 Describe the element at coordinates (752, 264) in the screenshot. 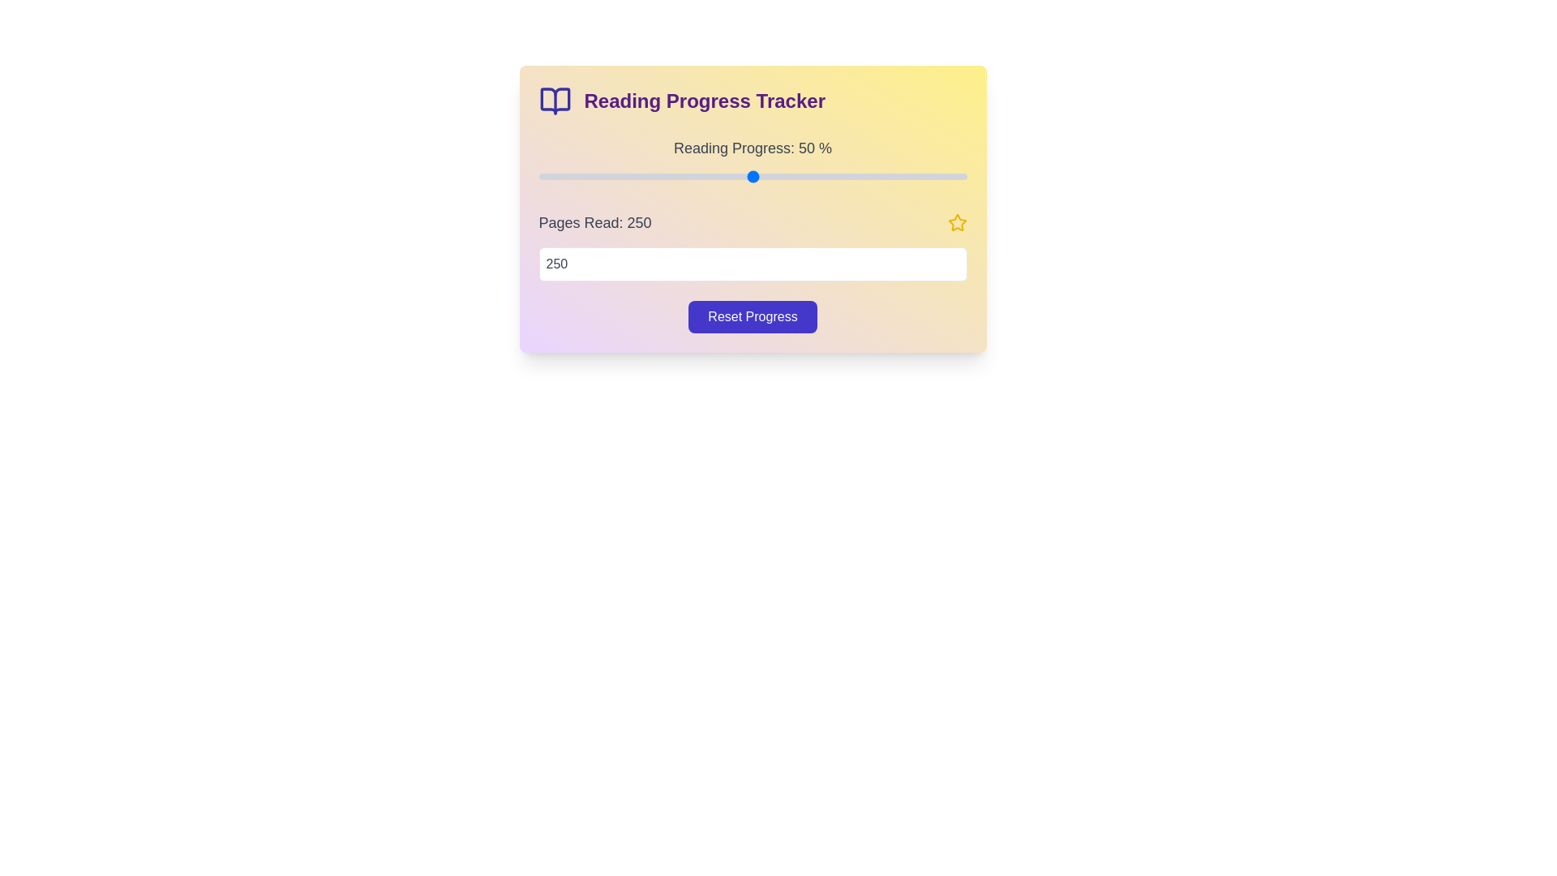

I see `the number of pages read to 23 using the input field` at that location.